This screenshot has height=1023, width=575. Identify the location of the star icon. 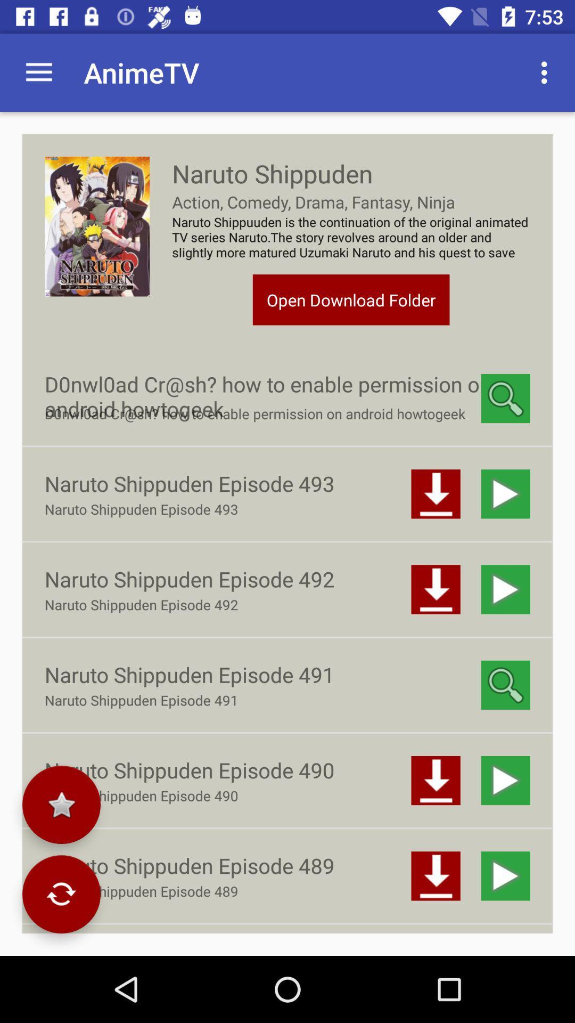
(61, 805).